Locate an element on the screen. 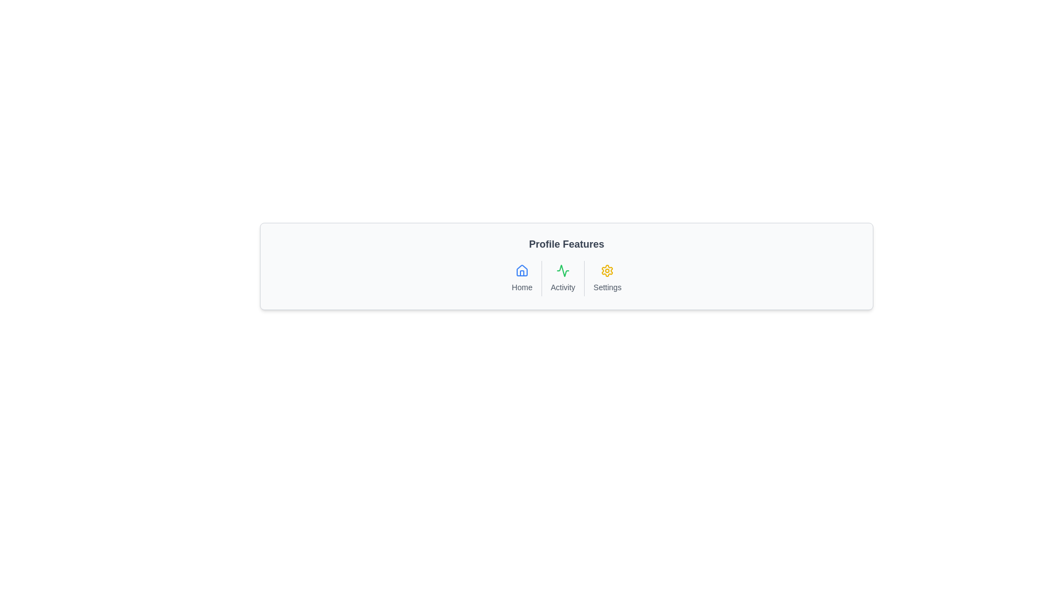 The height and width of the screenshot is (597, 1062). the 'Home' navigation icon, which is the first of three options in the horizontal navigation layout is located at coordinates (522, 270).